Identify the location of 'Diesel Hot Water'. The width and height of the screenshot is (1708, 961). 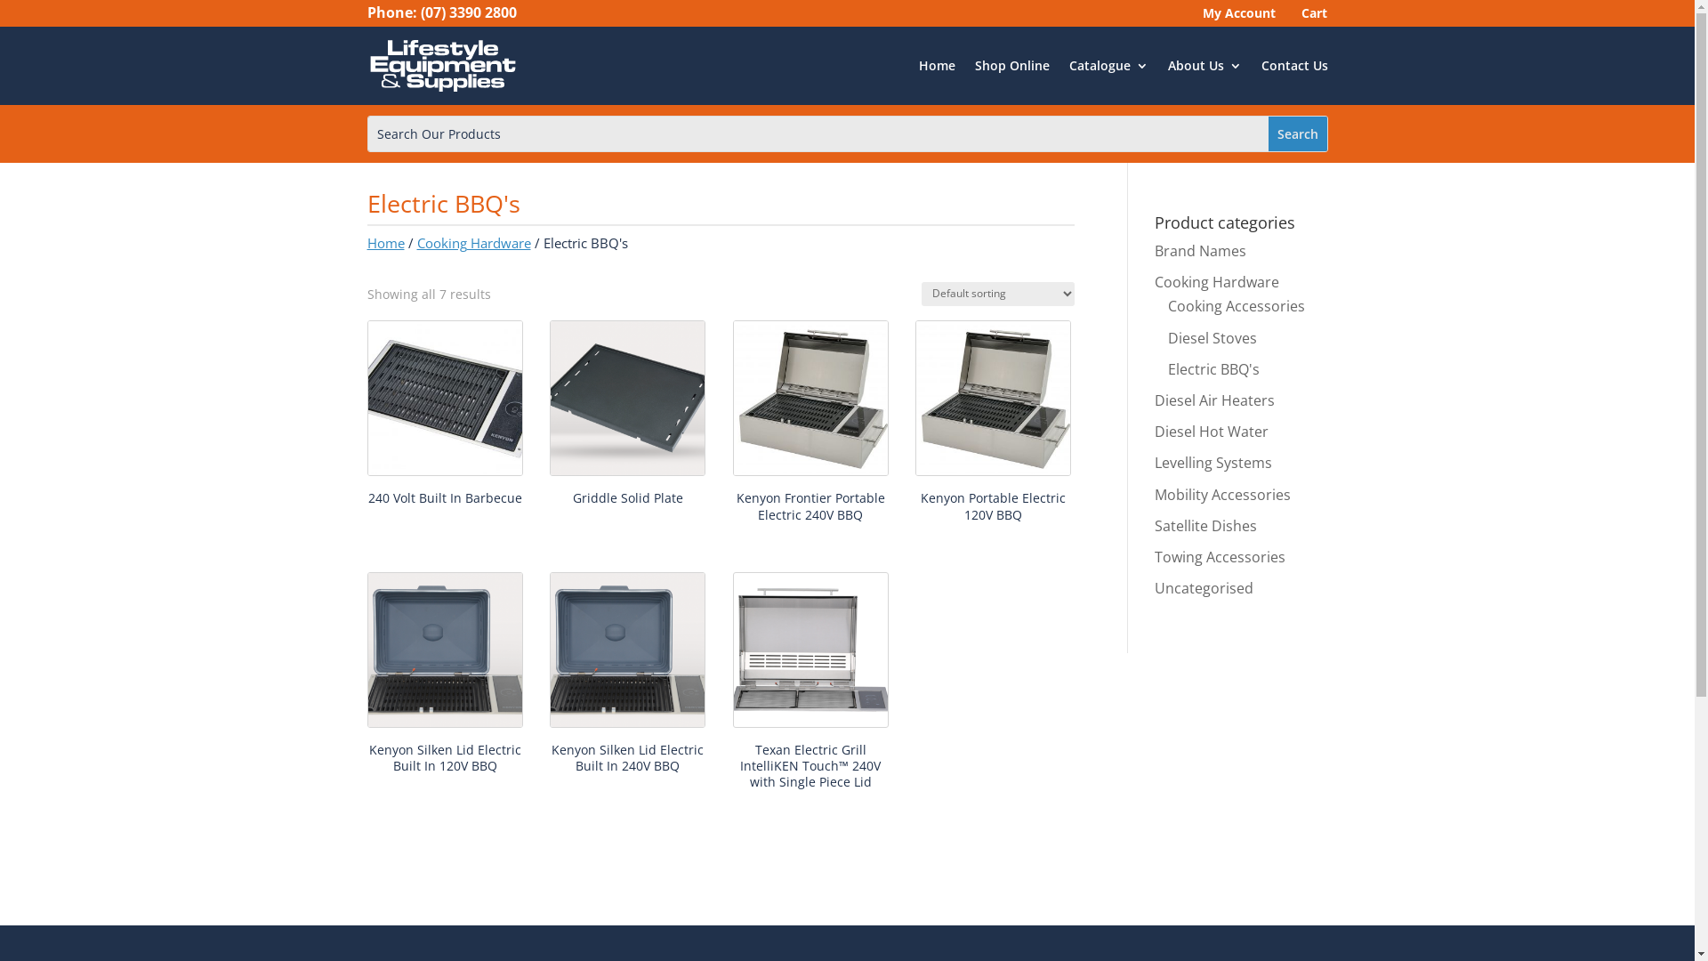
(1211, 432).